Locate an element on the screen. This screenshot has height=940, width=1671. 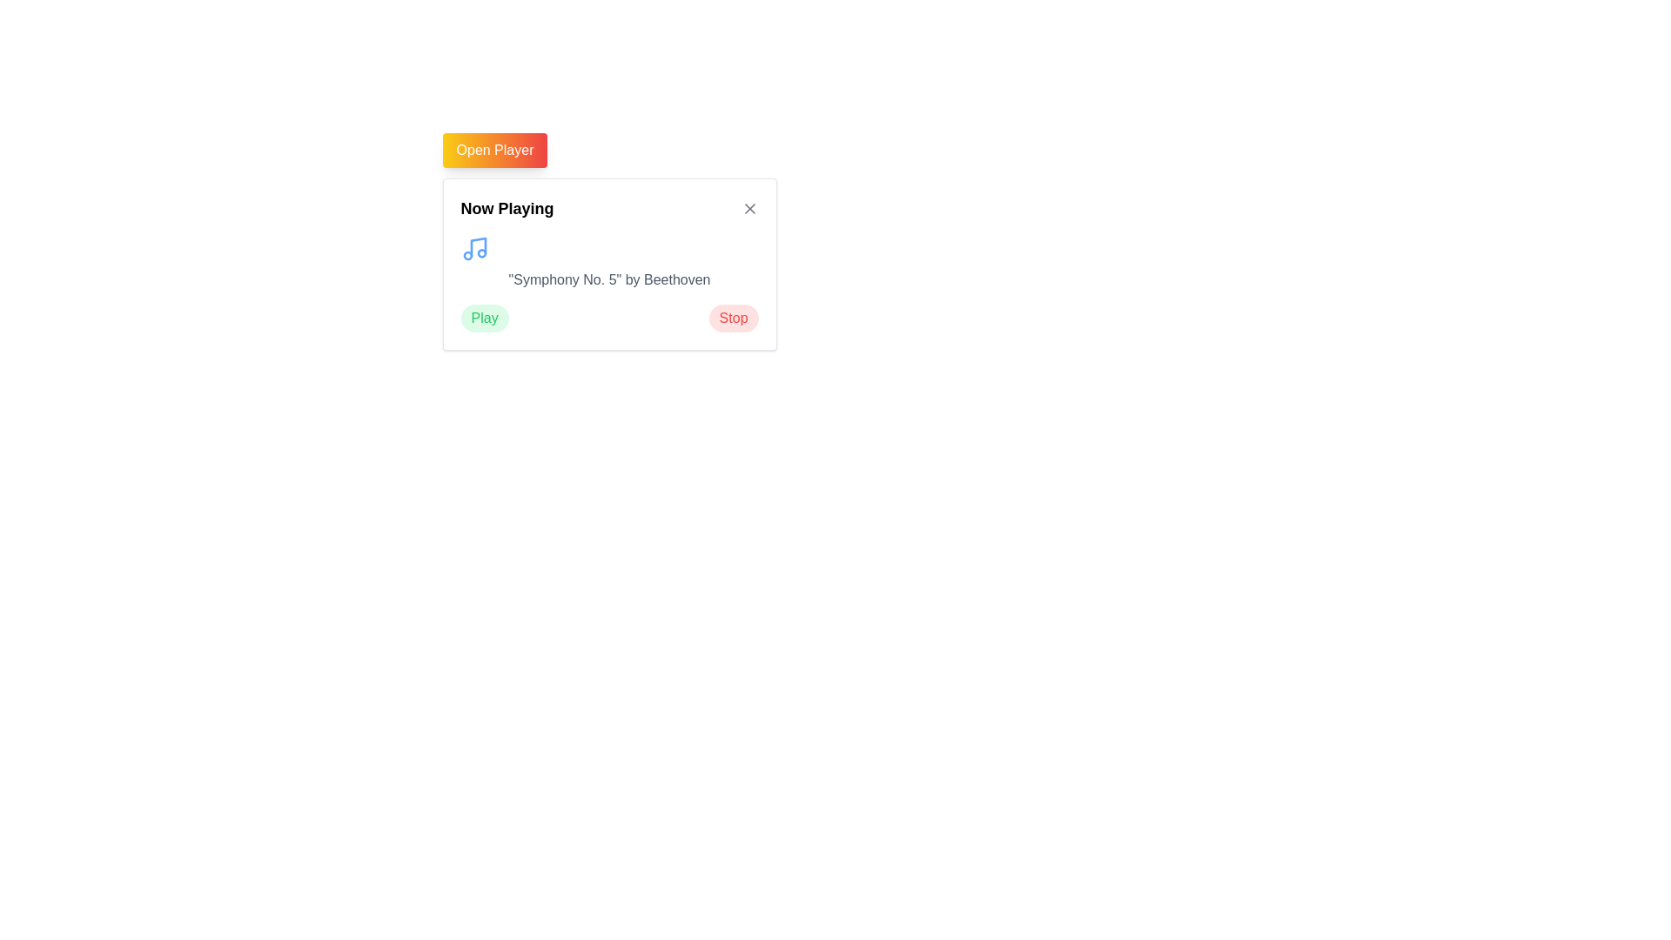
the close button located in the top-right corner of the 'Now Playing' section to hide or remove it from view is located at coordinates (749, 207).